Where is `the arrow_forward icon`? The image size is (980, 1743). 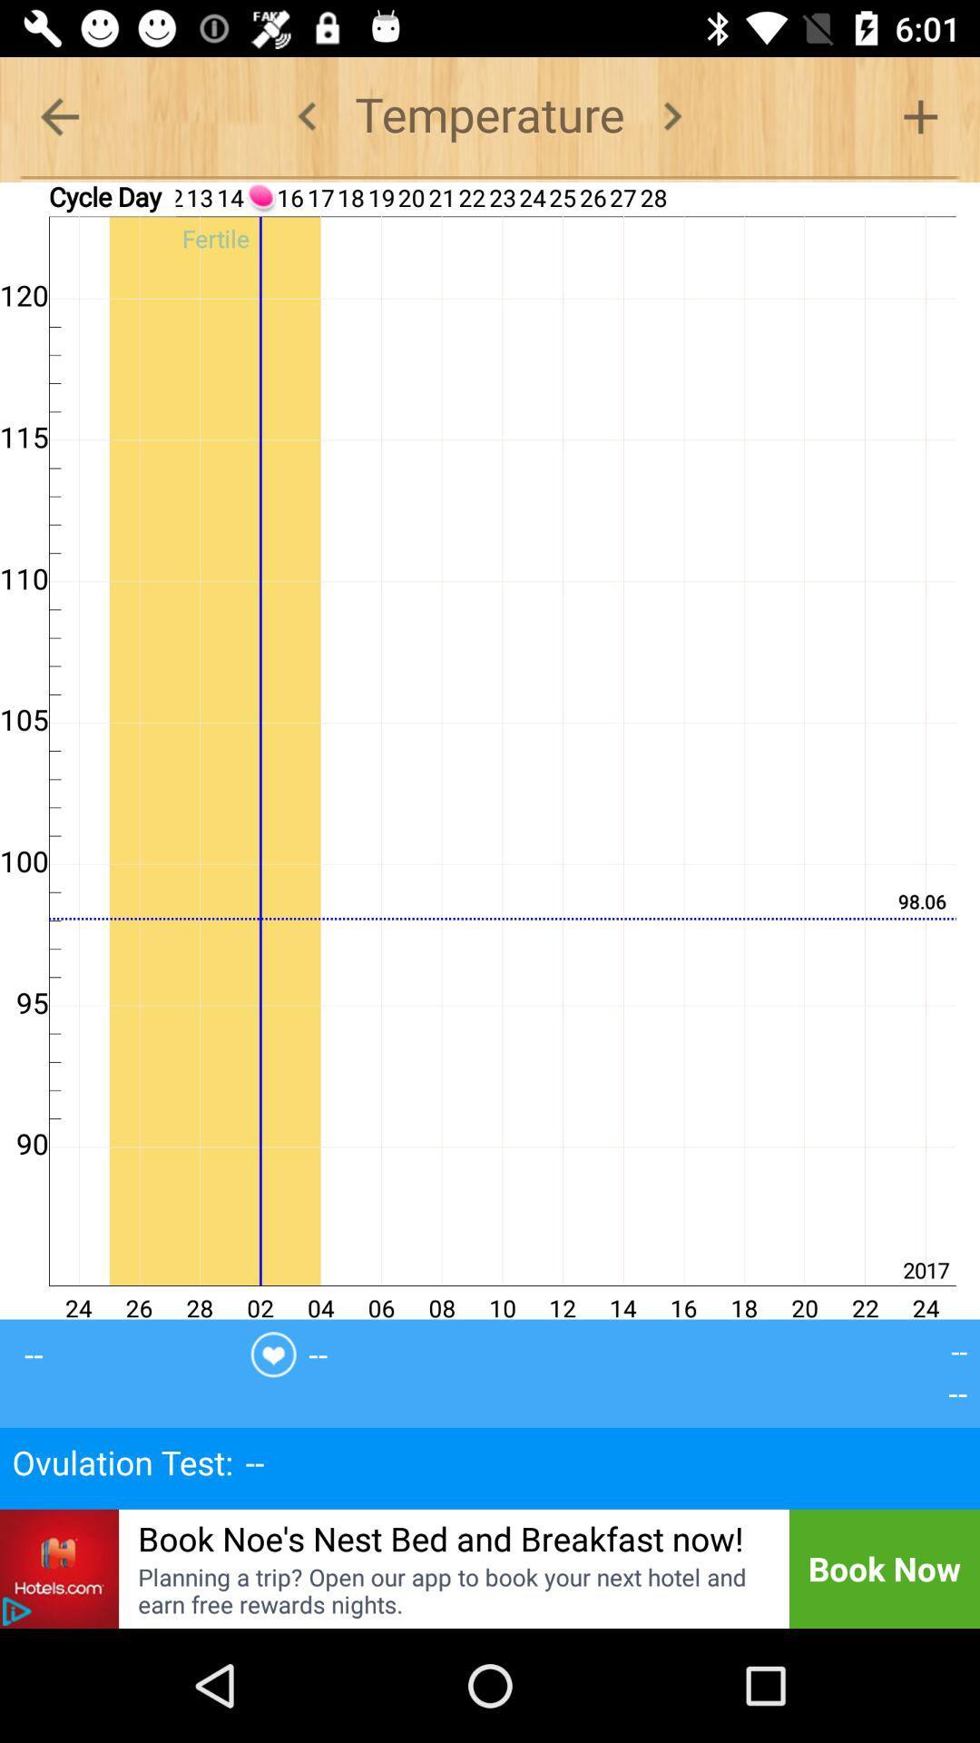
the arrow_forward icon is located at coordinates (671, 115).